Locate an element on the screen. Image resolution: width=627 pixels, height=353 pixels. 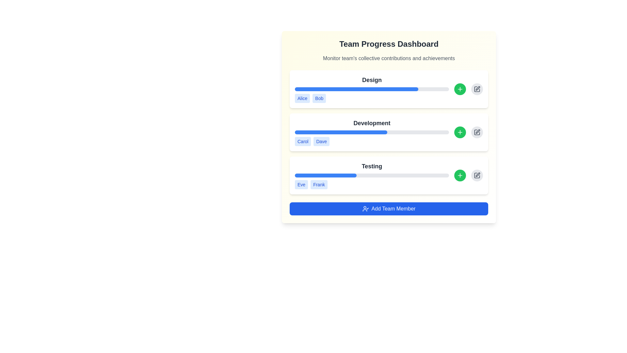
the blue filled section of the progress bar located under the 'Design' label in the team progress dashboard is located at coordinates (356, 89).